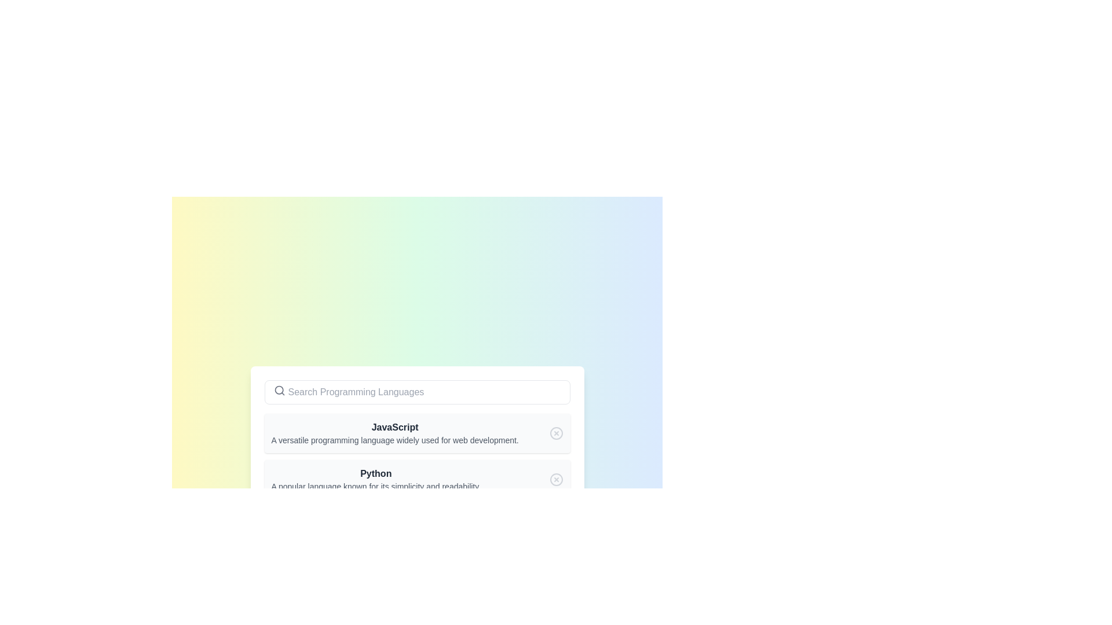 This screenshot has height=625, width=1112. Describe the element at coordinates (556, 480) in the screenshot. I see `the close icon button with a cross (X) mark inside it, located at the right end of the 'Python' list item` at that location.